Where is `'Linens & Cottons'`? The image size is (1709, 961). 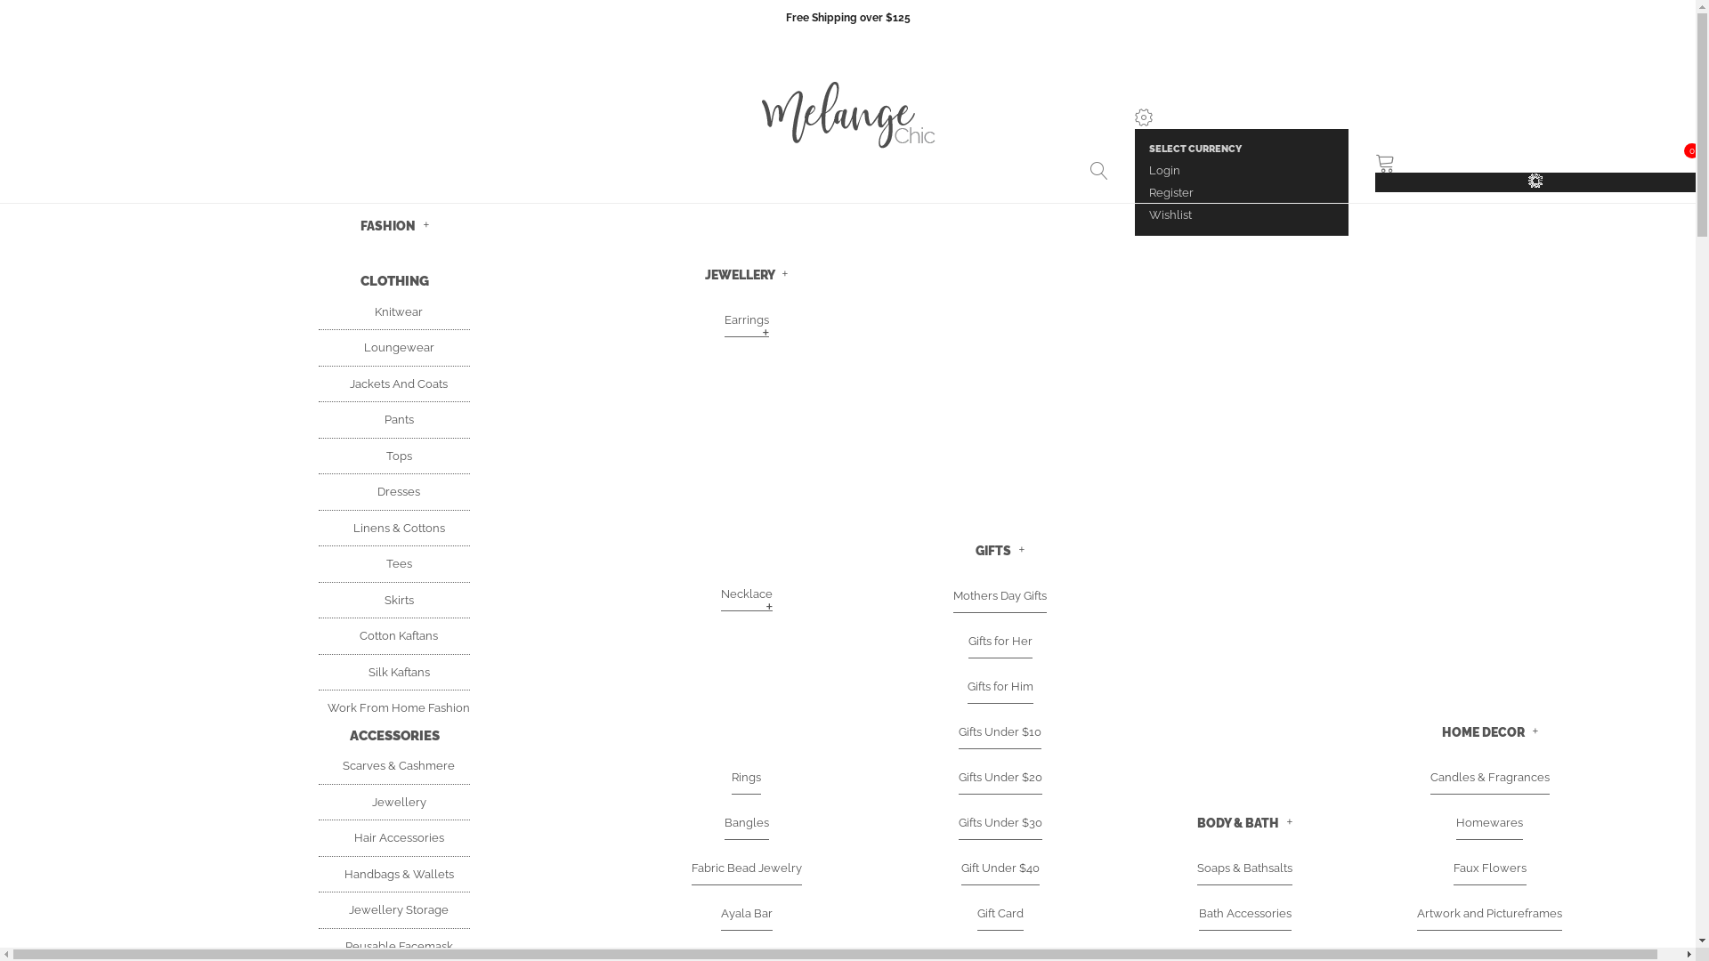 'Linens & Cottons' is located at coordinates (393, 527).